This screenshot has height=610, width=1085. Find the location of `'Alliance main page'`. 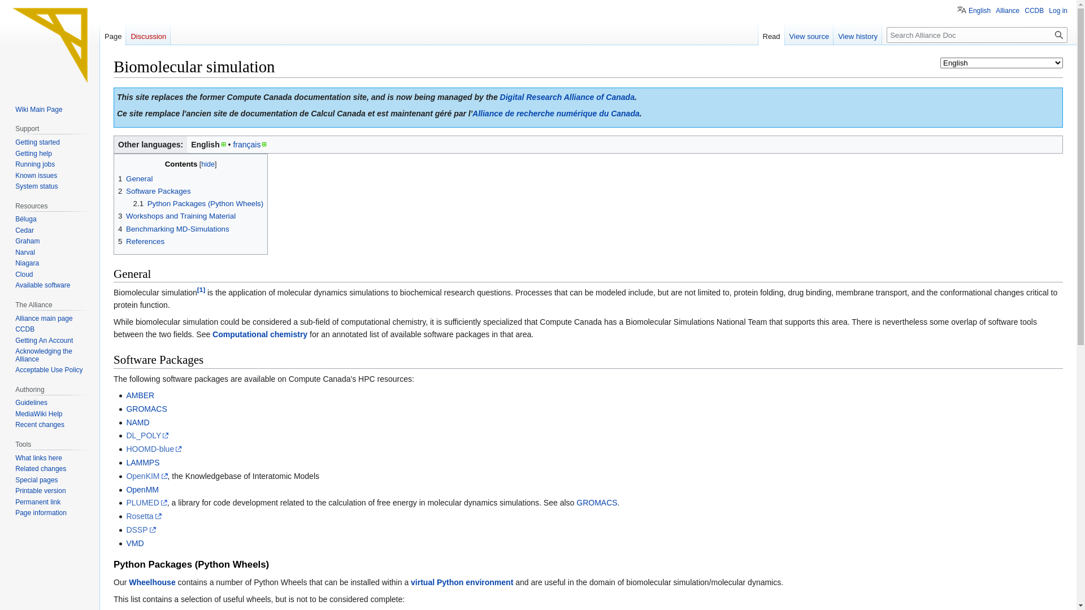

'Alliance main page' is located at coordinates (15, 318).